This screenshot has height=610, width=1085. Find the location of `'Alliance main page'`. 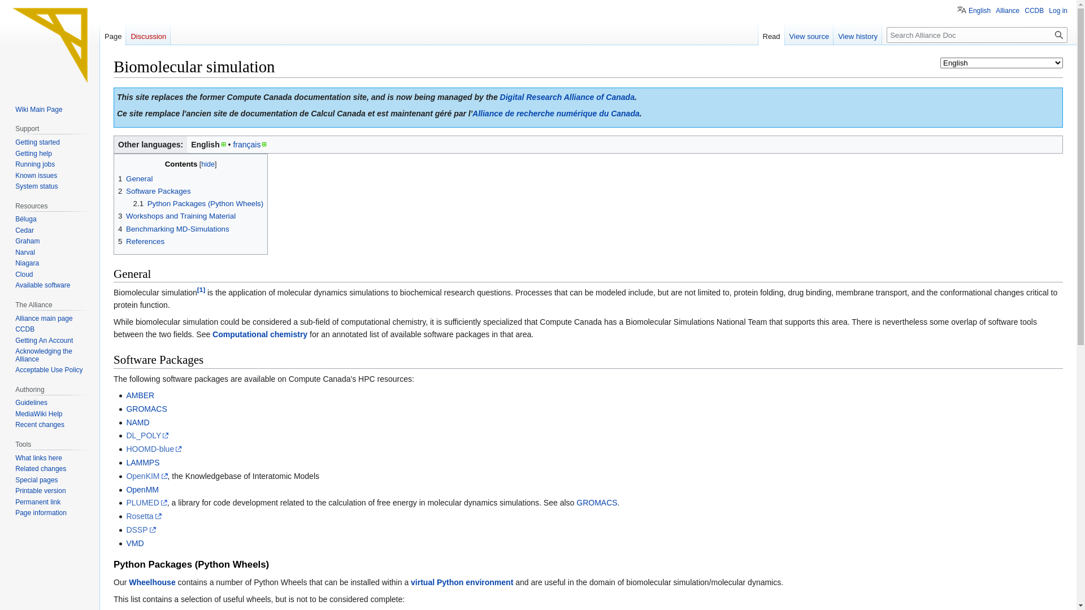

'Alliance main page' is located at coordinates (15, 318).